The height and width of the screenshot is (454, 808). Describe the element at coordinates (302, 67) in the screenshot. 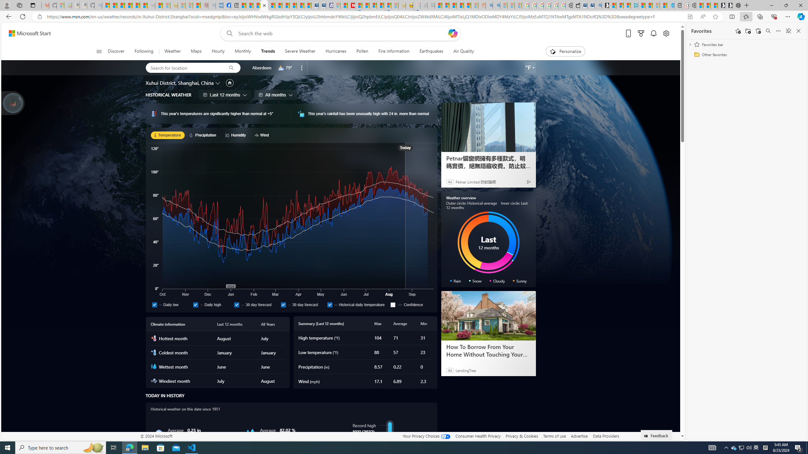

I see `'Remove location'` at that location.